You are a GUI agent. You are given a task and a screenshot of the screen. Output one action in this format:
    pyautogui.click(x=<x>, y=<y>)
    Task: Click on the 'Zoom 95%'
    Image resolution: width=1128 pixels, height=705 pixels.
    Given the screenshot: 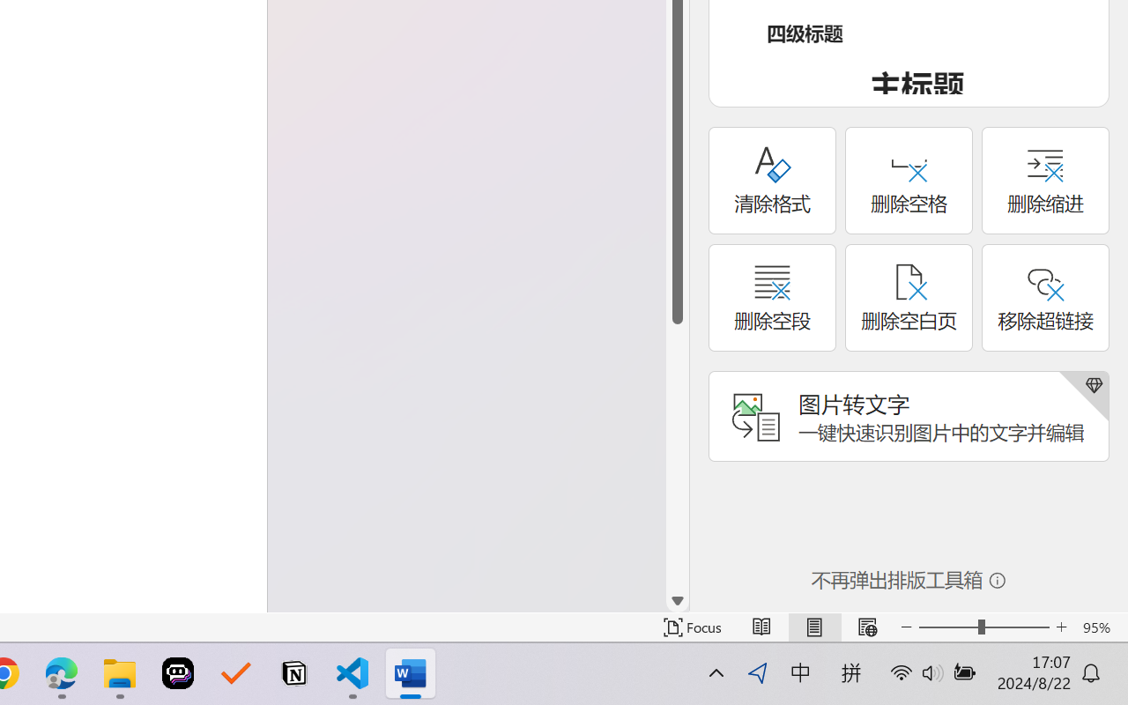 What is the action you would take?
    pyautogui.click(x=1100, y=627)
    